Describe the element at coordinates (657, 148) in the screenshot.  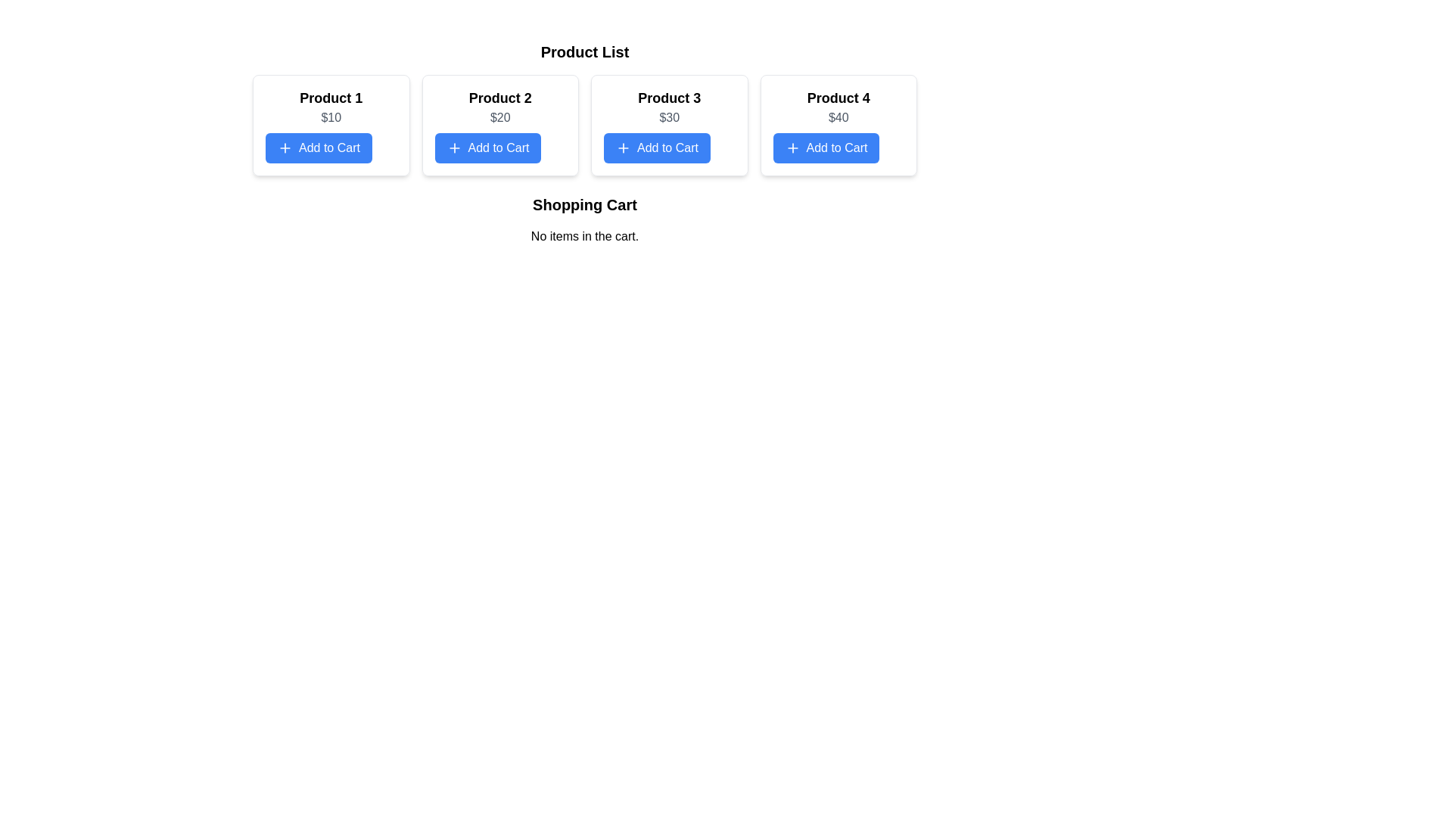
I see `the 'Add to Cart' button with a blue background and a '+' icon for 'Product 3'` at that location.